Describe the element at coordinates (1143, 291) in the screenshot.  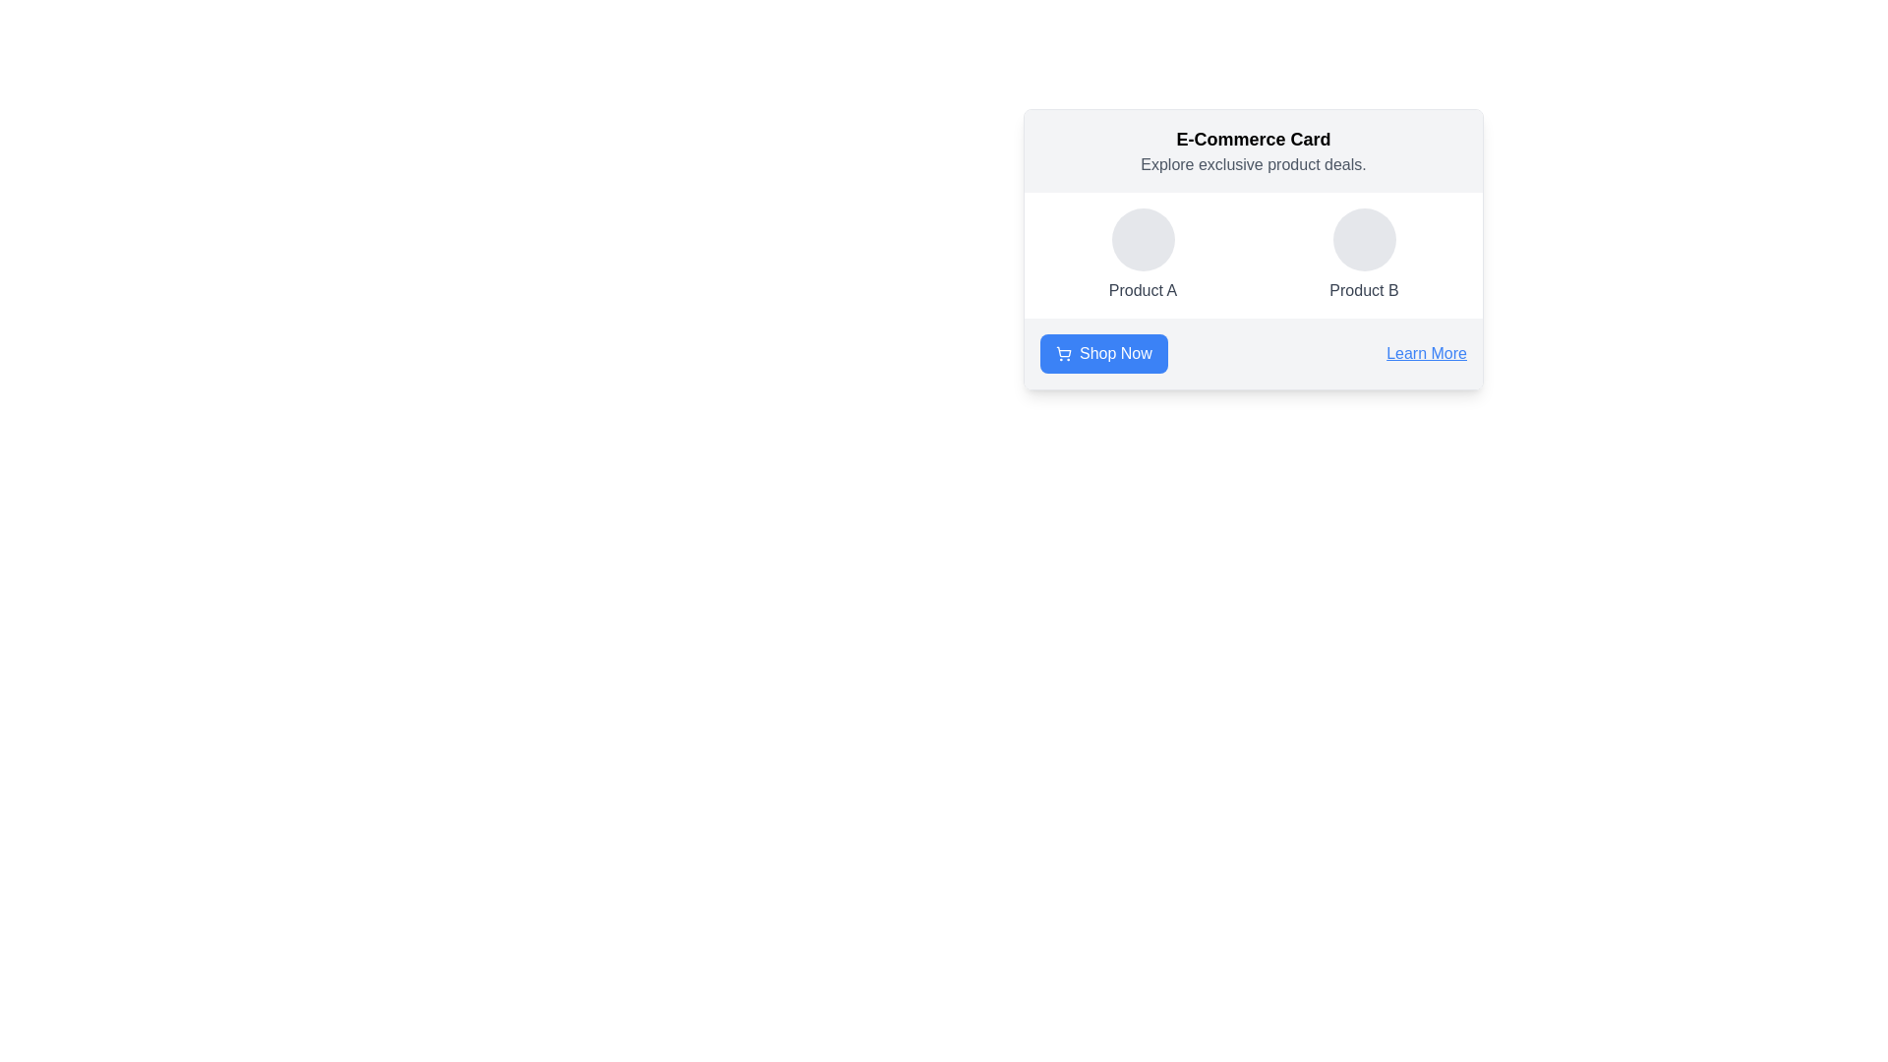
I see `the 'Product A' text label, which is styled in muted gray and located below a circular image in a card layout` at that location.